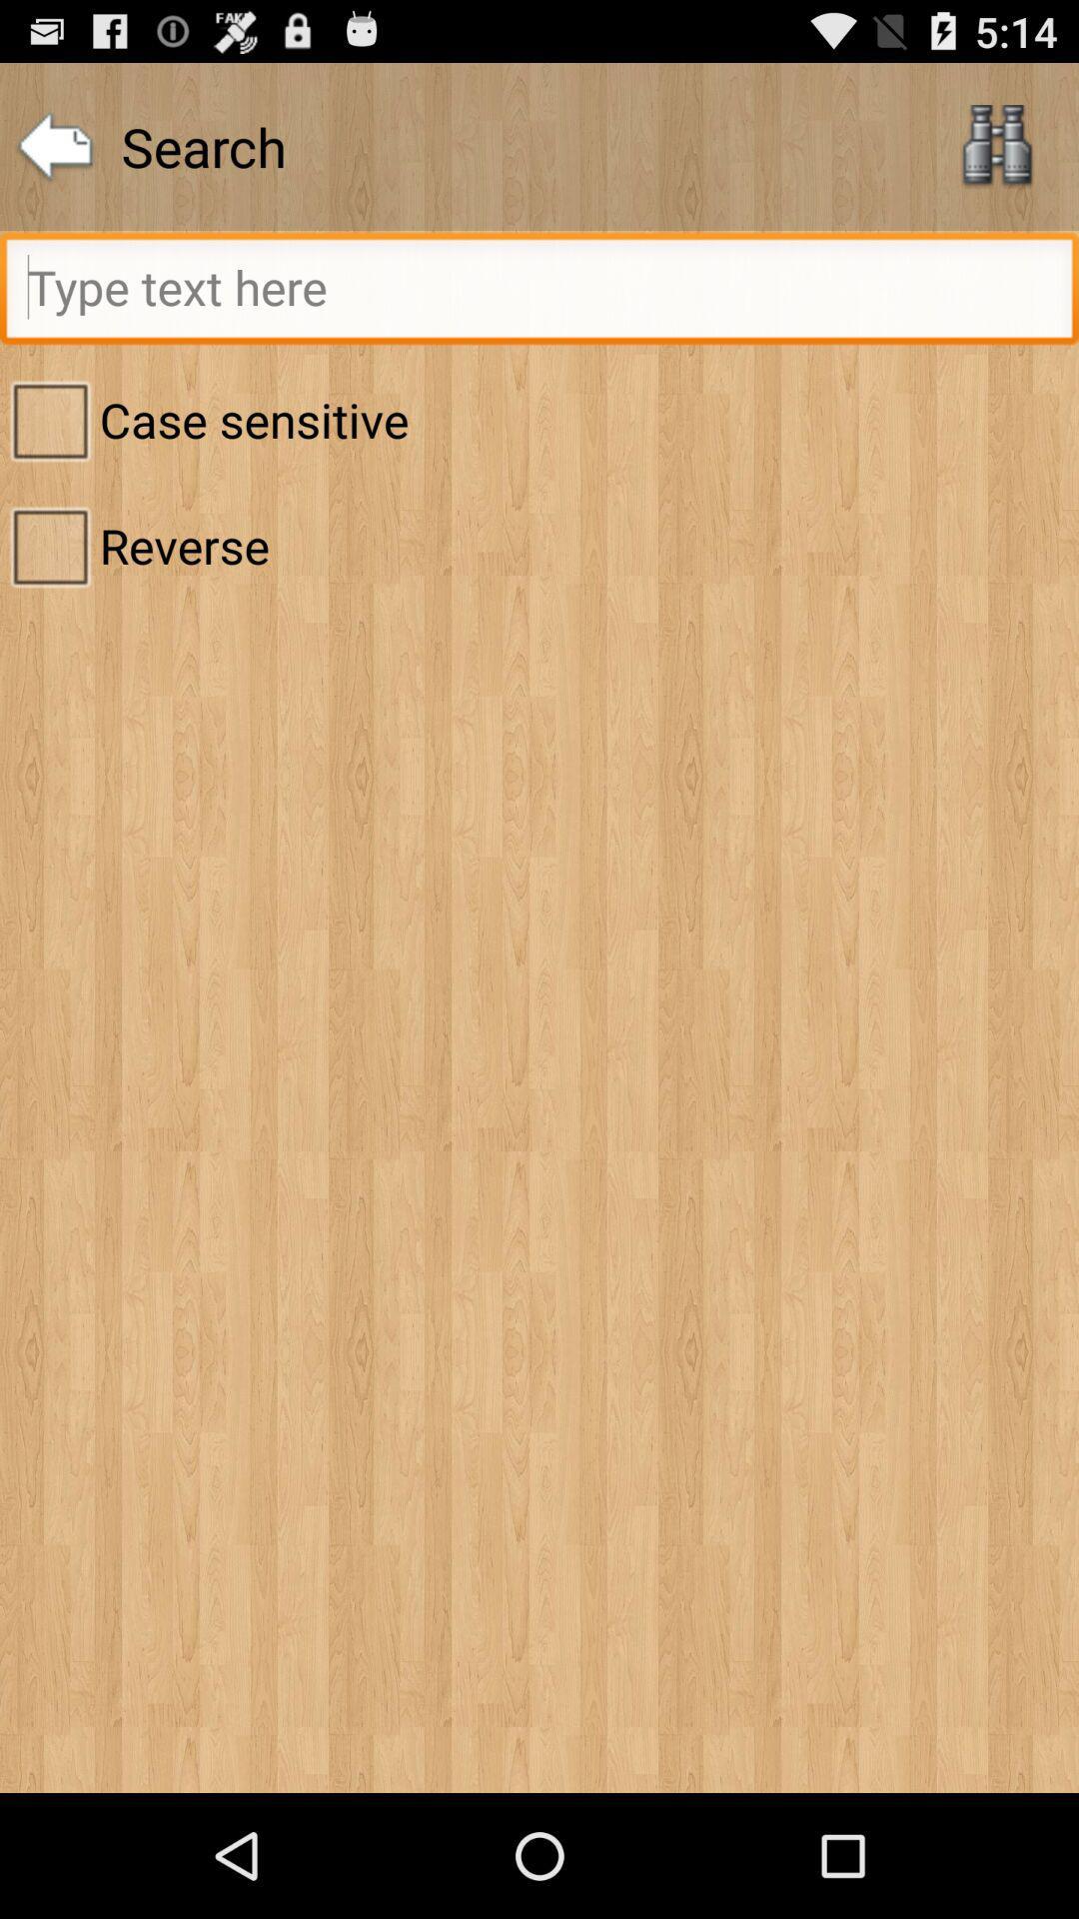  What do you see at coordinates (539, 292) in the screenshot?
I see `search` at bounding box center [539, 292].